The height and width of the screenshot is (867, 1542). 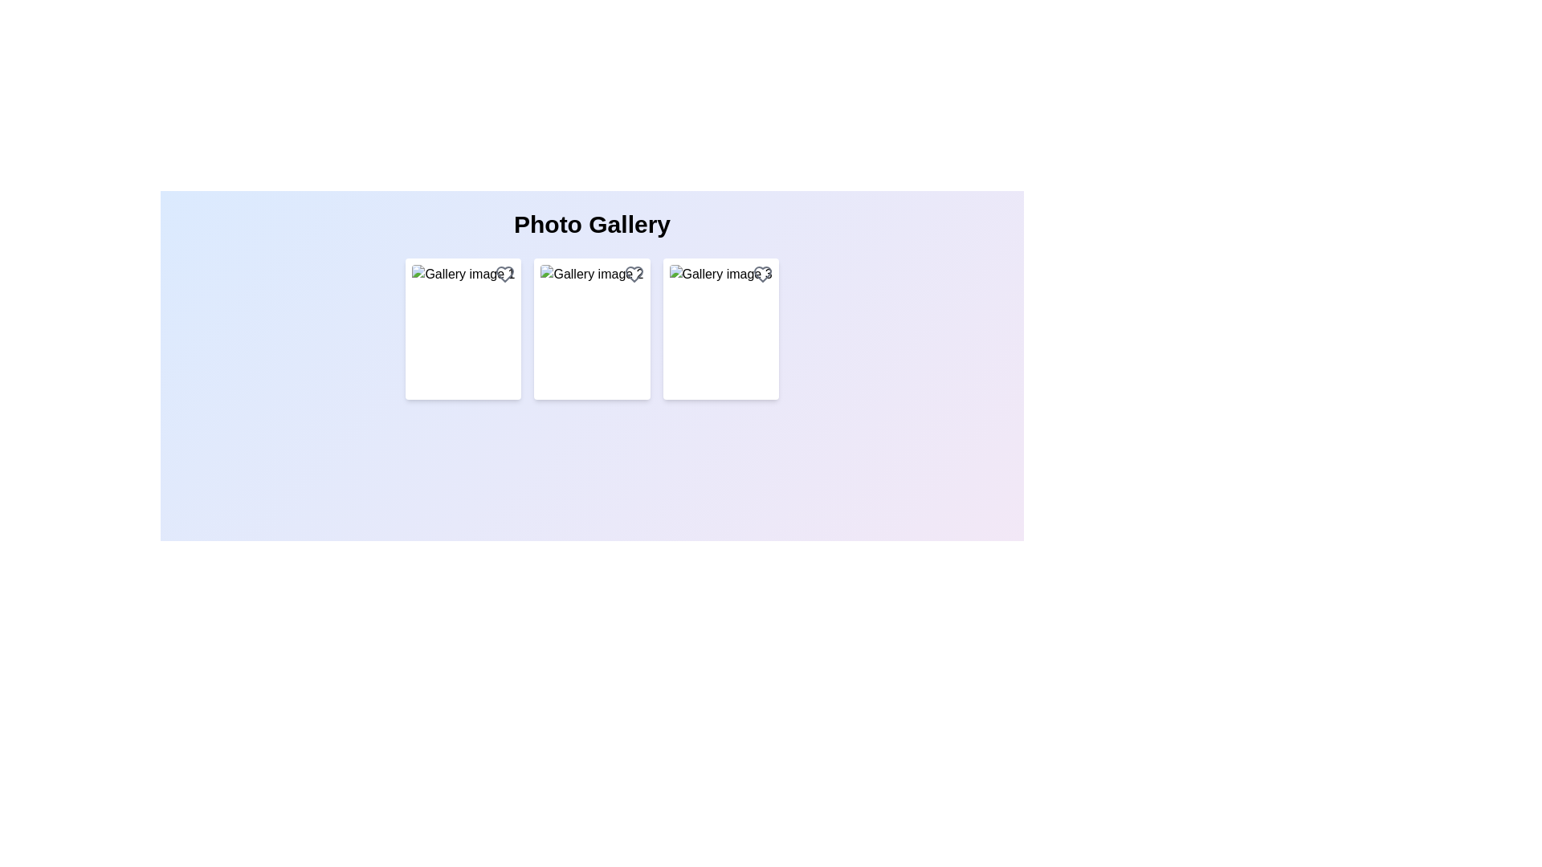 What do you see at coordinates (761, 274) in the screenshot?
I see `the heart-shaped icon in the top-right corner of the 'Gallery image3' card to indicate a 'favorite' or 'like' action` at bounding box center [761, 274].